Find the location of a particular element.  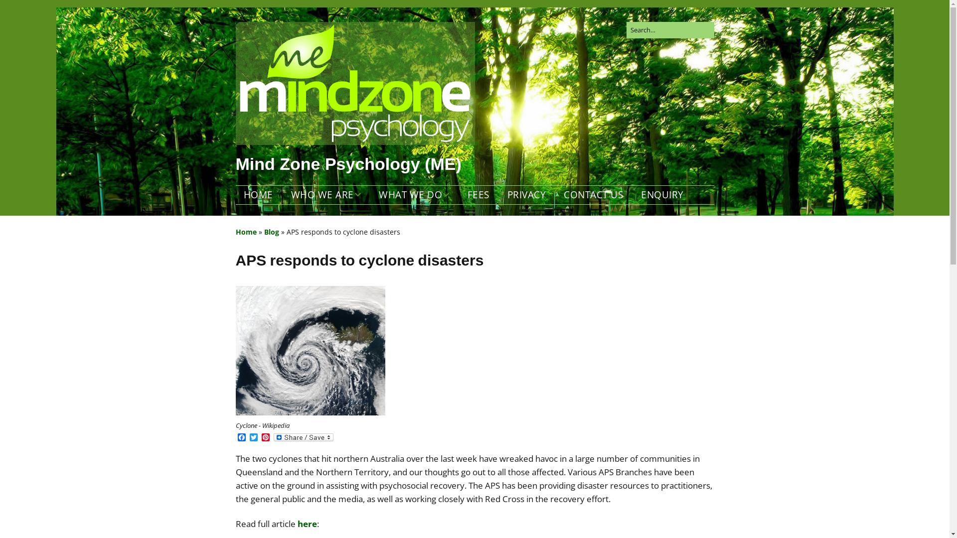

'WHAT WE DO' is located at coordinates (414, 195).